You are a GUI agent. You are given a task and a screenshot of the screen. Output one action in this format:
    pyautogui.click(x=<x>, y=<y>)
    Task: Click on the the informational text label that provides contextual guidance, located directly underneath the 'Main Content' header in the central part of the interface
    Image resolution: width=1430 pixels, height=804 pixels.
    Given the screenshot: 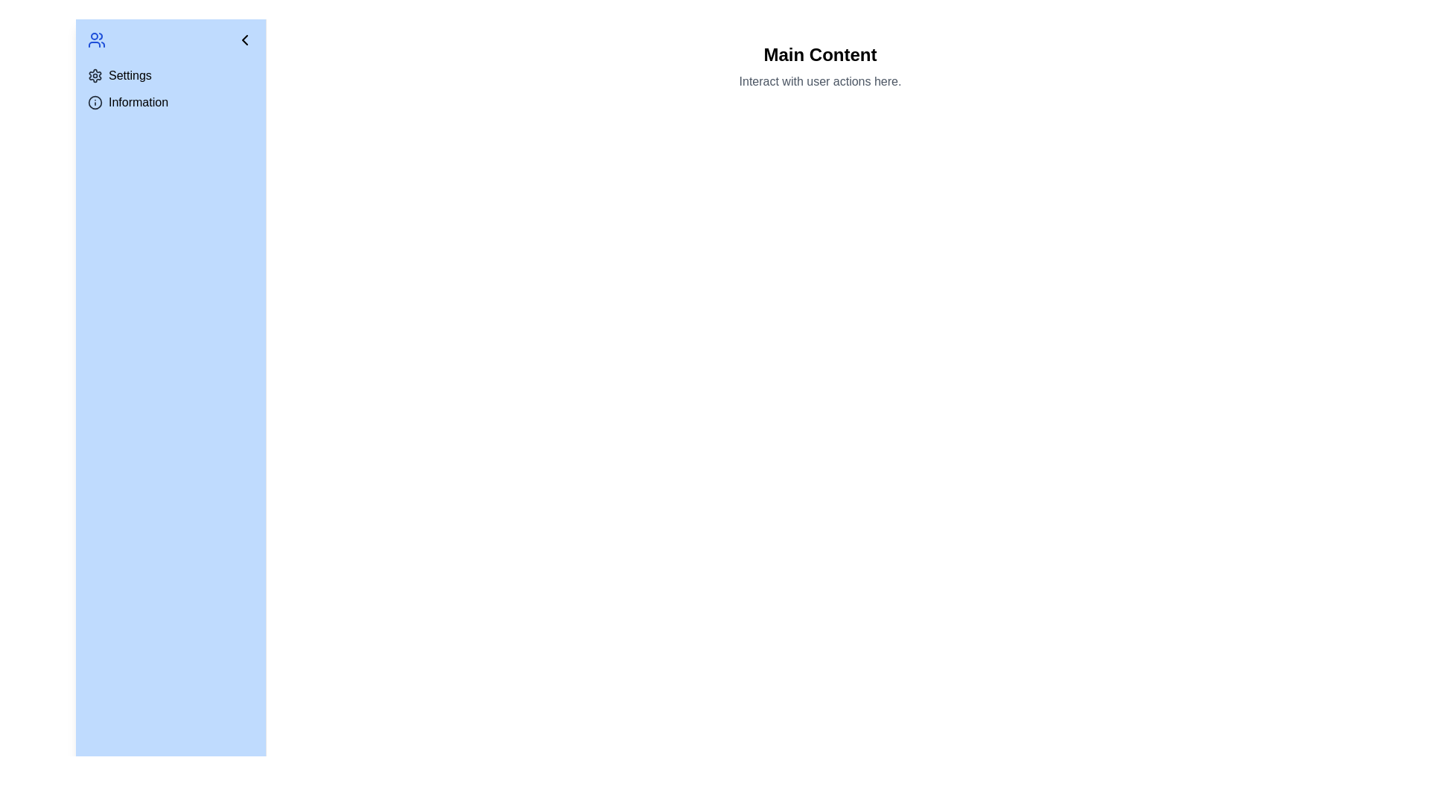 What is the action you would take?
    pyautogui.click(x=819, y=82)
    